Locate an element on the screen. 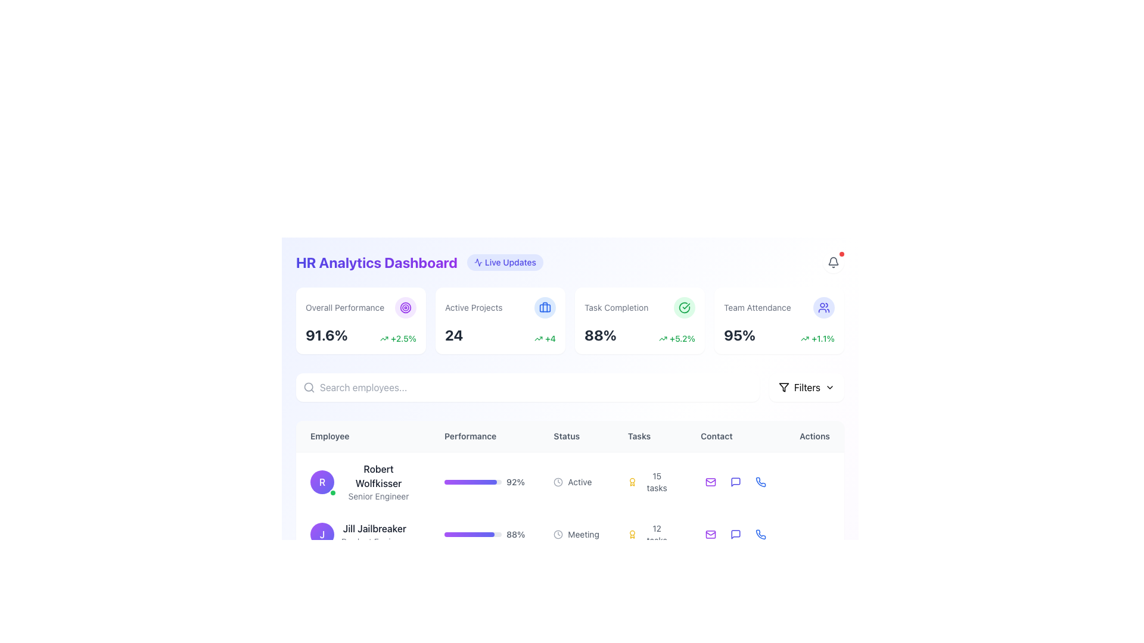 The height and width of the screenshot is (643, 1144). the text element displaying '91.6%' in bold font within the 'Overall Performance' card, located in the top-left region of the dashboard is located at coordinates (327, 335).